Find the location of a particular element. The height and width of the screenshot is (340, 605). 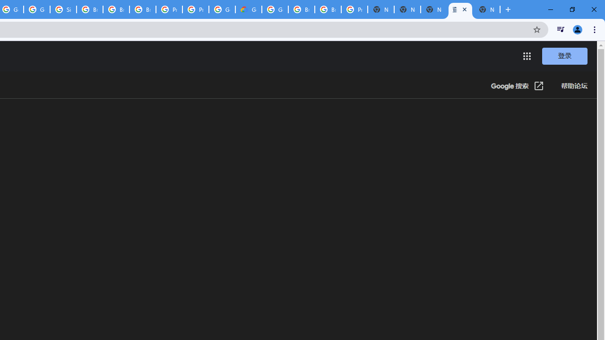

'Browse Chrome as a guest - Computer - Google Chrome Help' is located at coordinates (115, 9).